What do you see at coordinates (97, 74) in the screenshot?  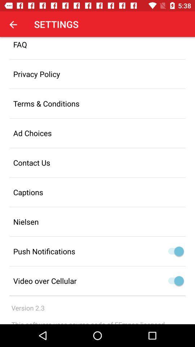 I see `the item below the faq item` at bounding box center [97, 74].